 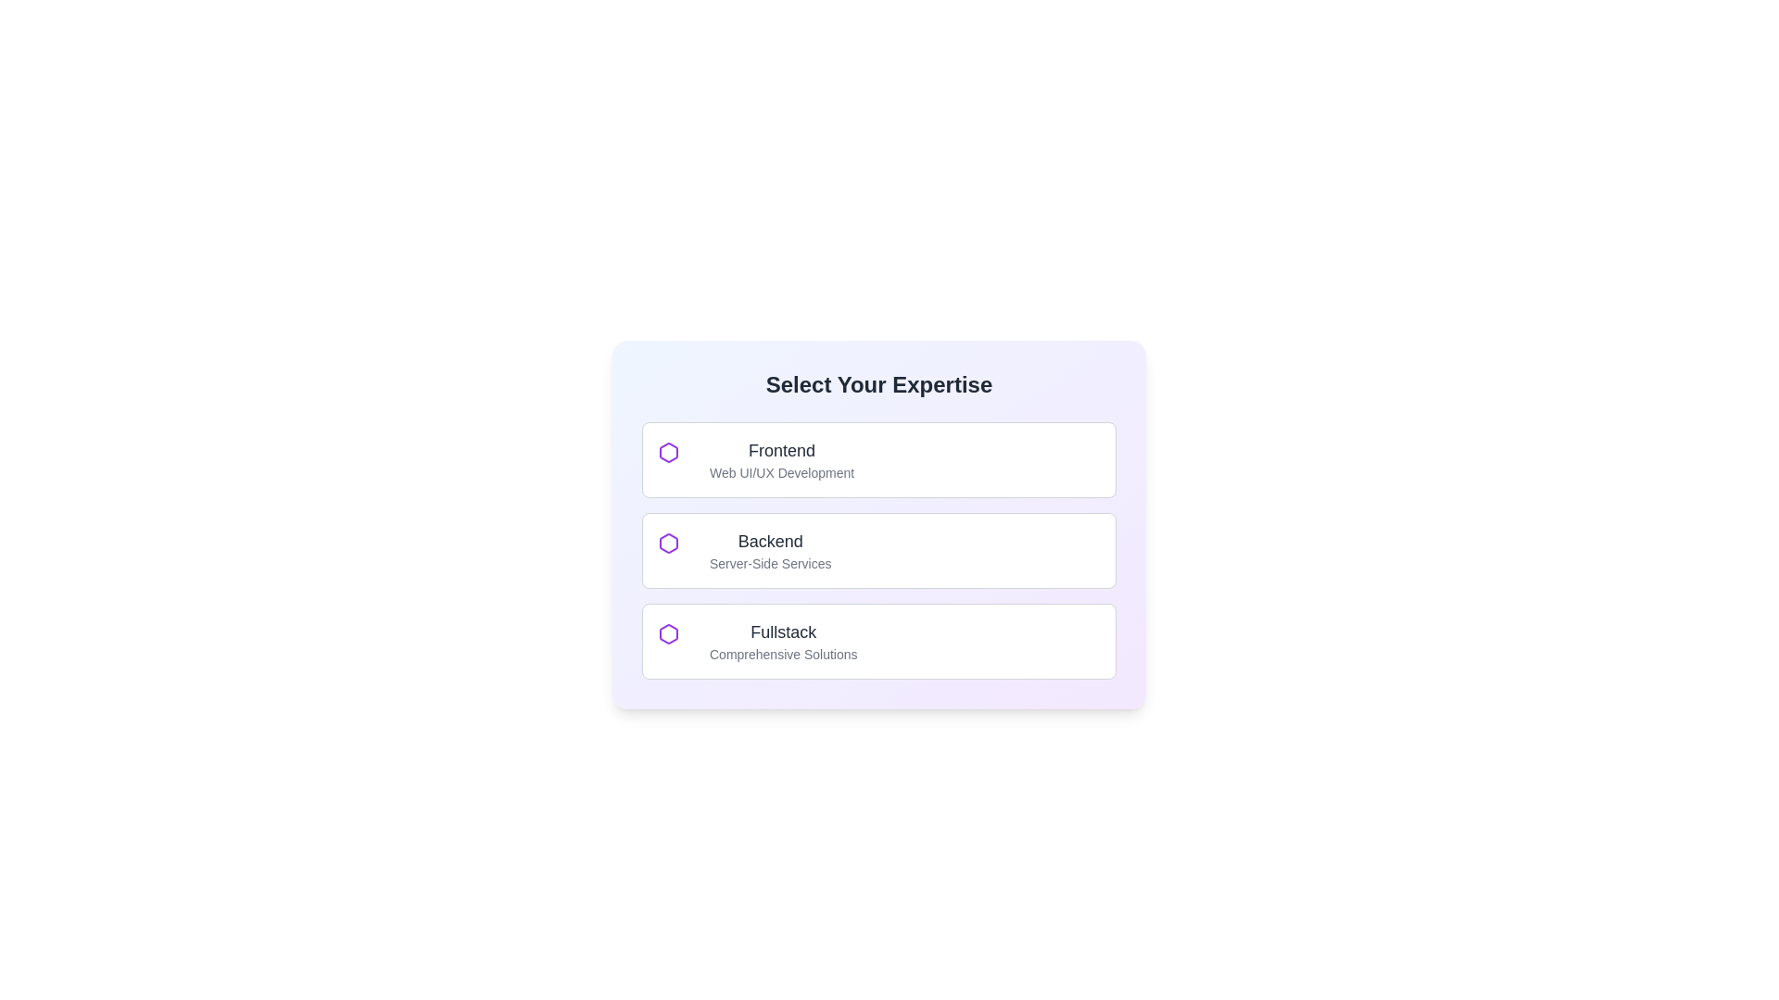 What do you see at coordinates (783, 653) in the screenshot?
I see `the text label 'Comprehensive Solutions' which provides additional information for the 'Fullstack' option in the vertical menu` at bounding box center [783, 653].